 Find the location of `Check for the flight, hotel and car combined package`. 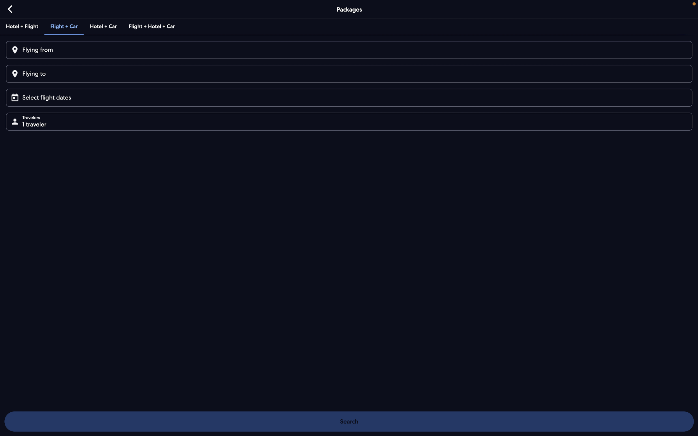

Check for the flight, hotel and car combined package is located at coordinates (151, 26).